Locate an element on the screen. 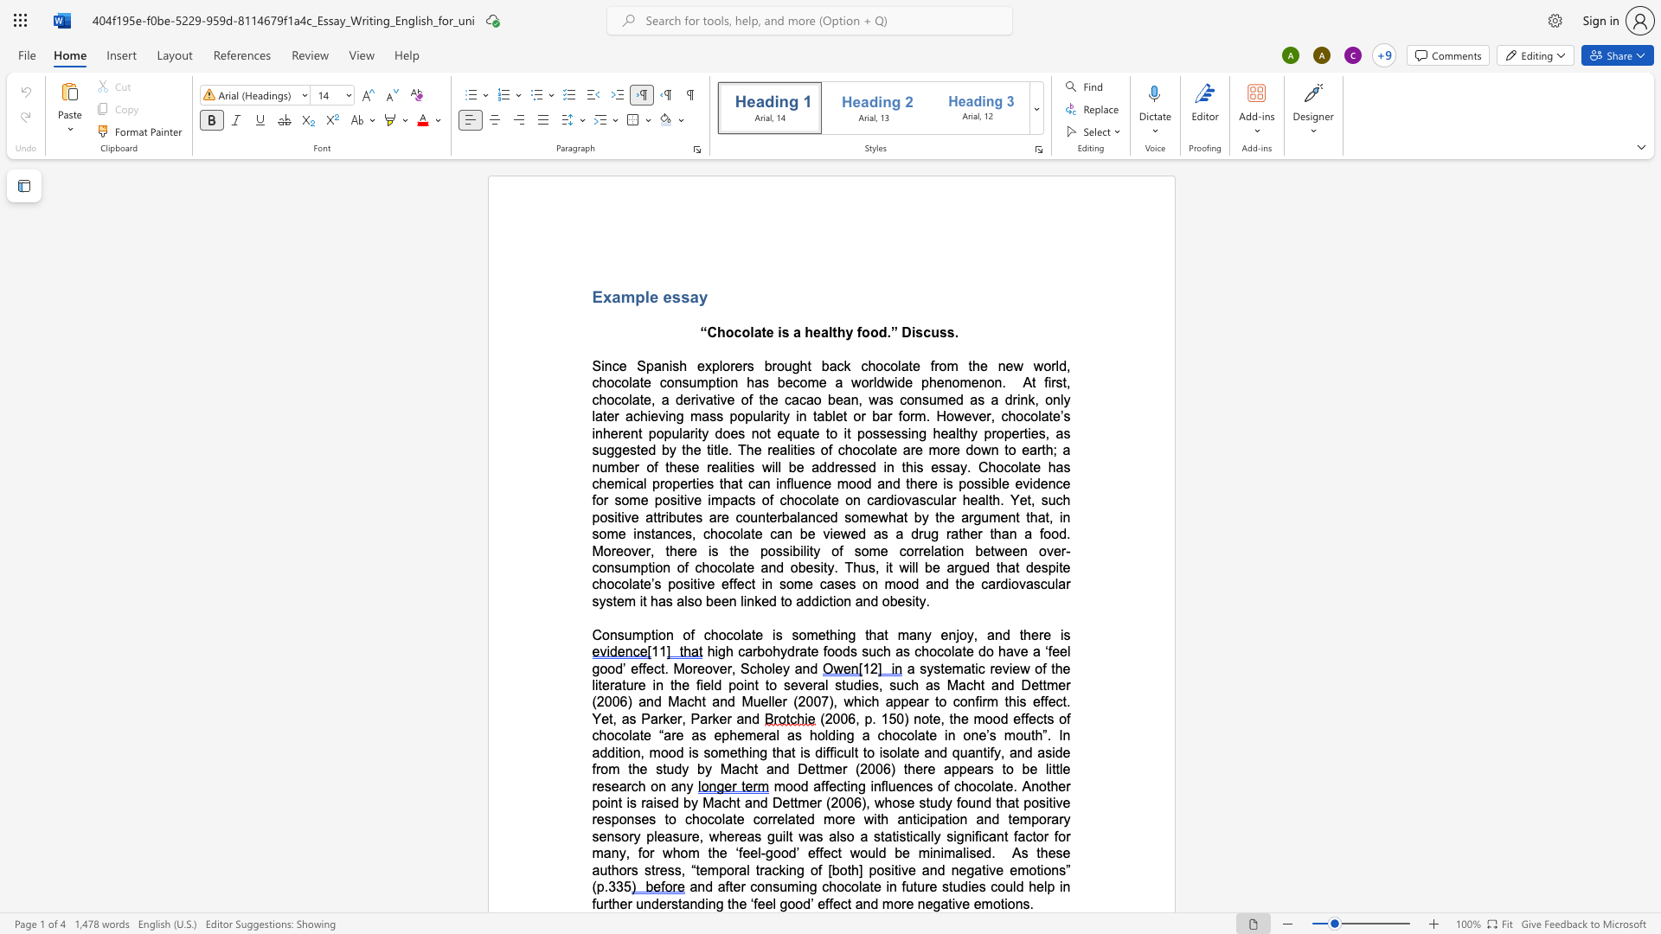 This screenshot has height=934, width=1661. the space between the continuous character "D" and "i" in the text is located at coordinates (909, 332).